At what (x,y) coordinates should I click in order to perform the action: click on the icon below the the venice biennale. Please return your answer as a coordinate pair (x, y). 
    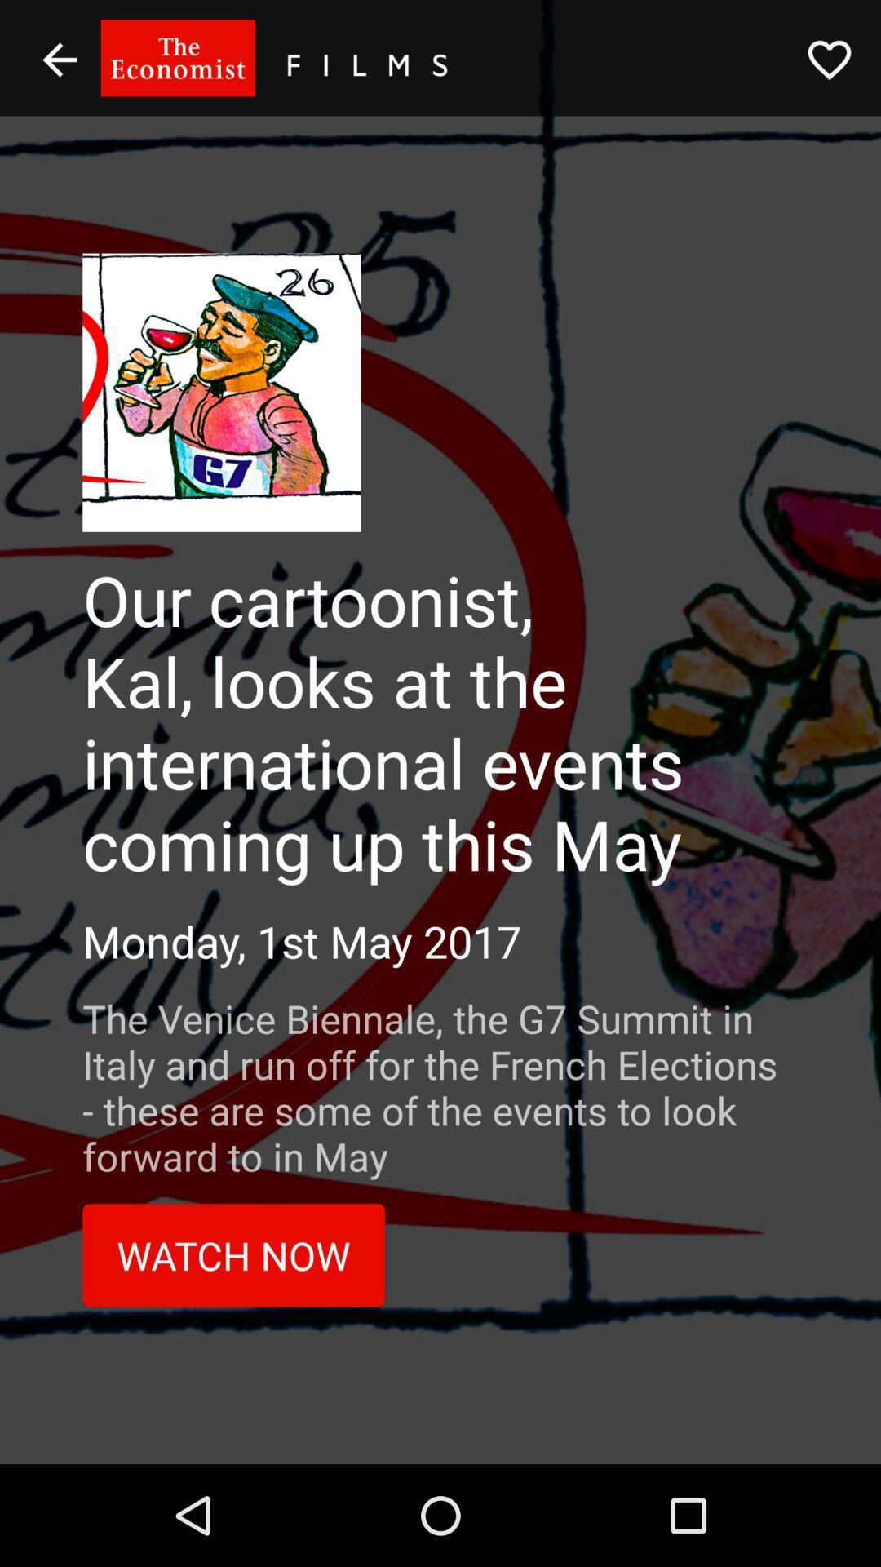
    Looking at the image, I should click on (233, 1254).